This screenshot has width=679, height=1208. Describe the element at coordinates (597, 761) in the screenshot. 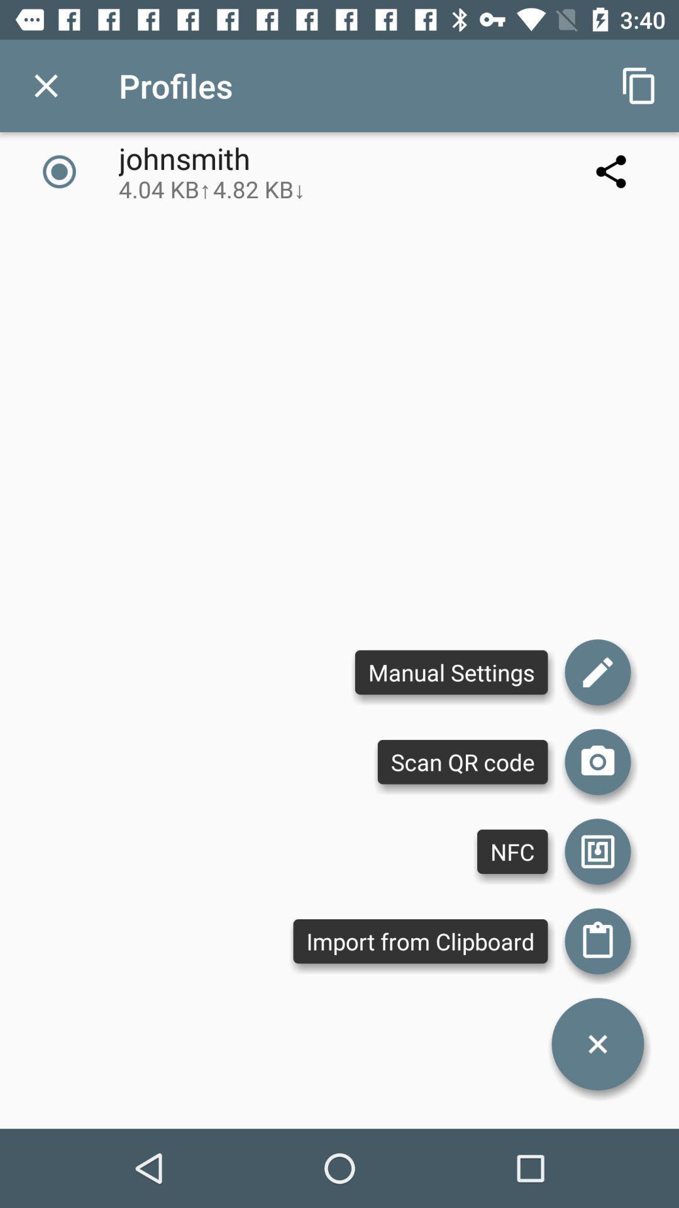

I see `scan` at that location.